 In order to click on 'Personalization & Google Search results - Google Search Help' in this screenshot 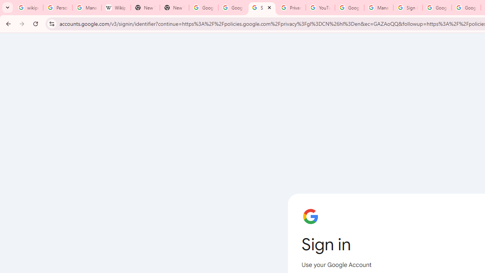, I will do `click(57, 8)`.